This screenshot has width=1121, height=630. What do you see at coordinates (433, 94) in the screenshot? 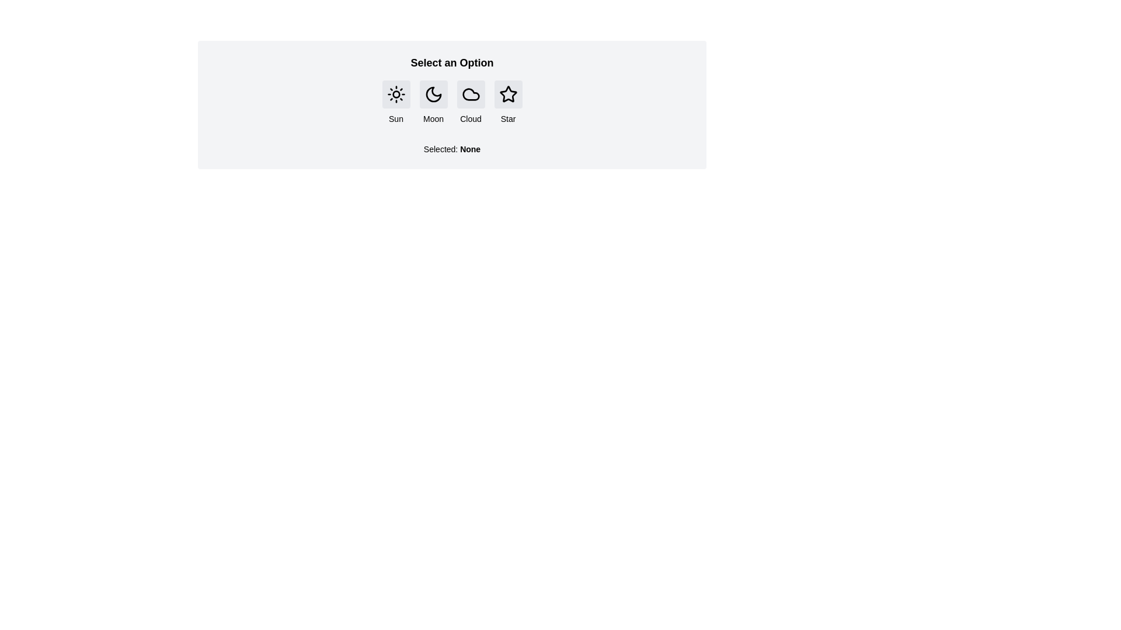
I see `the crescent moon icon, which is the second icon from the left in the row below the heading 'Select an Option'` at bounding box center [433, 94].